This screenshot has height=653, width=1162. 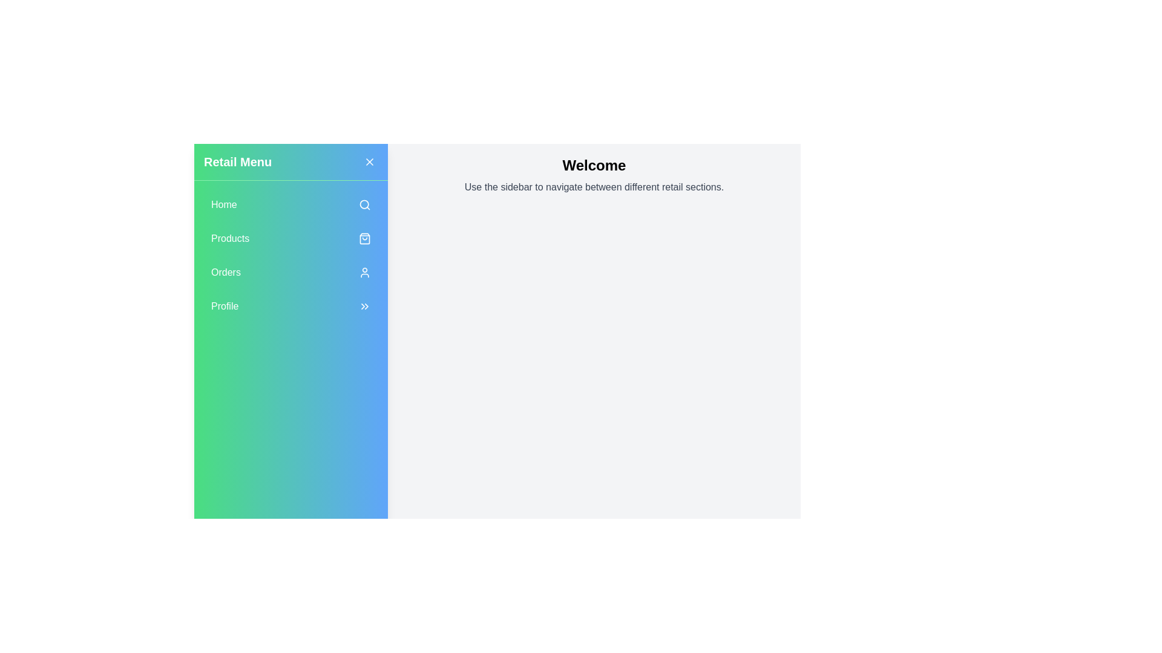 What do you see at coordinates (224, 204) in the screenshot?
I see `the 'Home' navigation option in the sidebar` at bounding box center [224, 204].